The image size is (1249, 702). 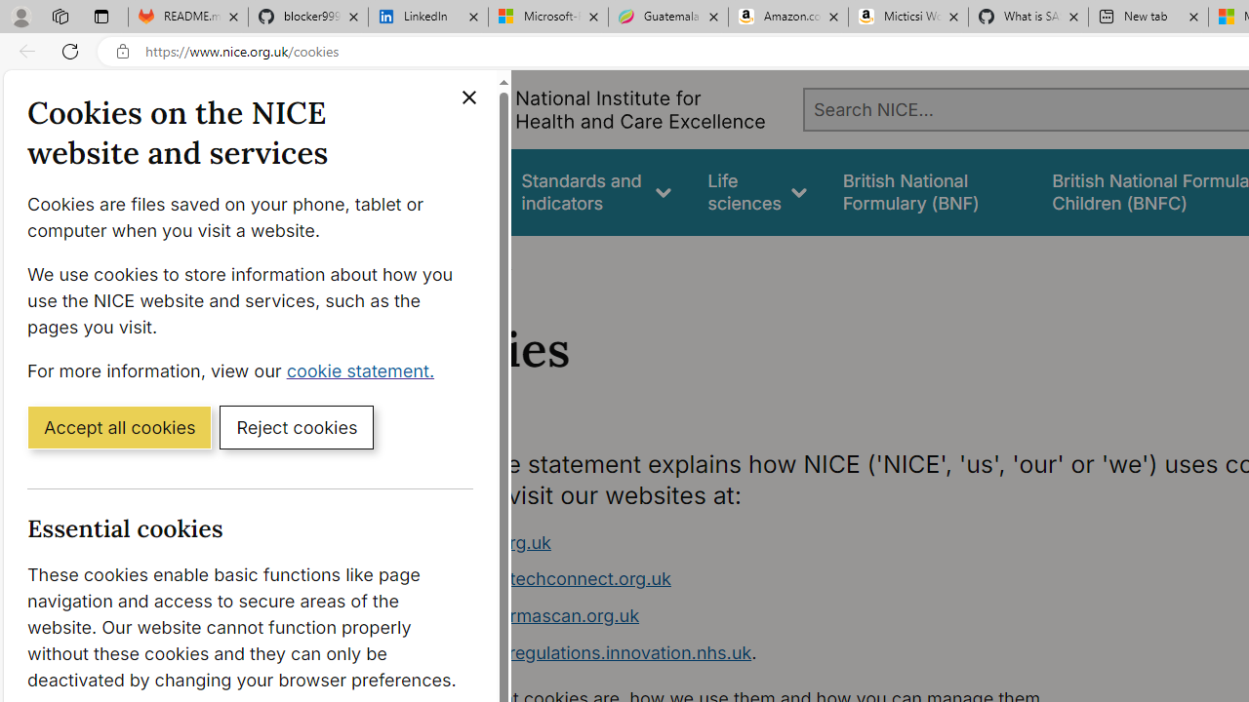 I want to click on 'Life sciences', so click(x=756, y=192).